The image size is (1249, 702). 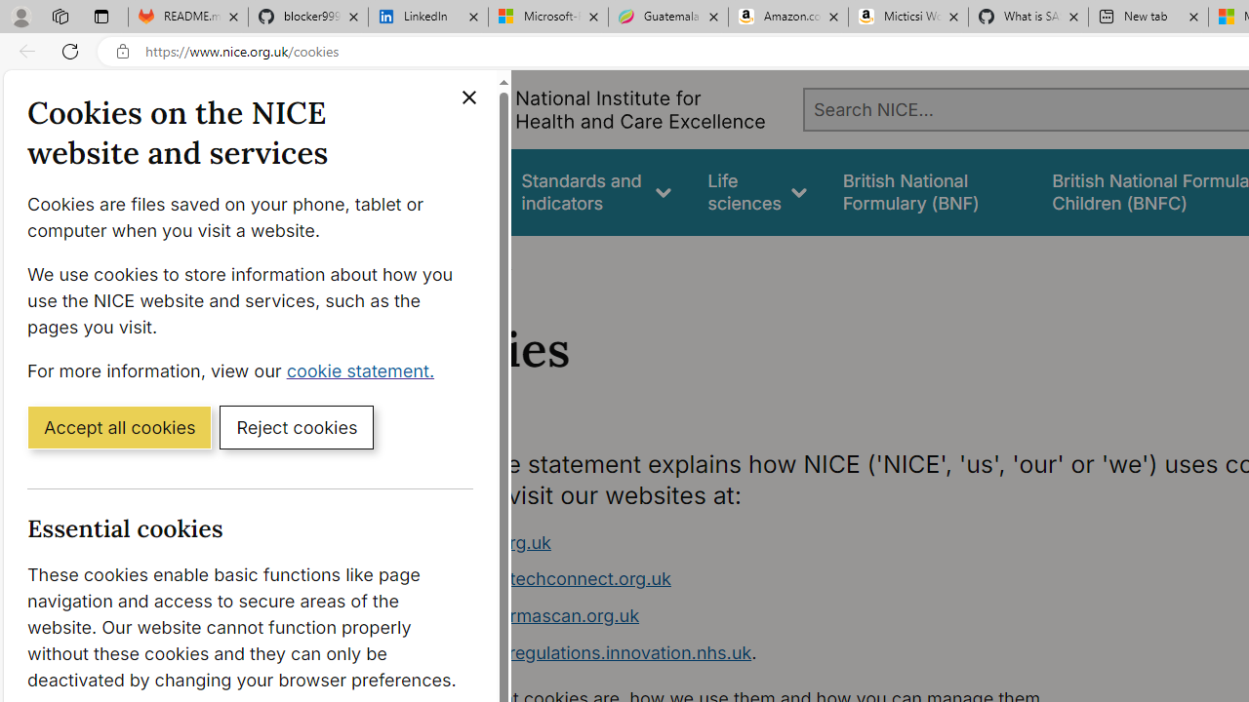 I want to click on 'Life sciences', so click(x=756, y=192).